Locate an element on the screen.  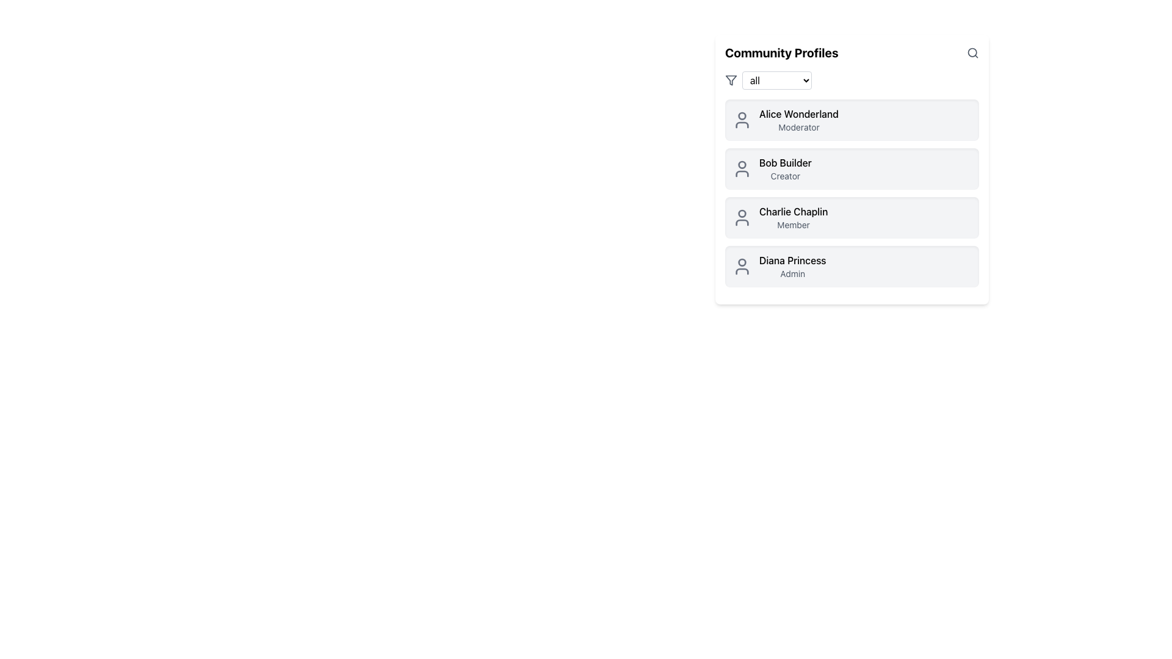
the lower rectangular part of the user icon representing 'Diana Princess', Admin role, located at the bottom of the community profiles list is located at coordinates (741, 270).